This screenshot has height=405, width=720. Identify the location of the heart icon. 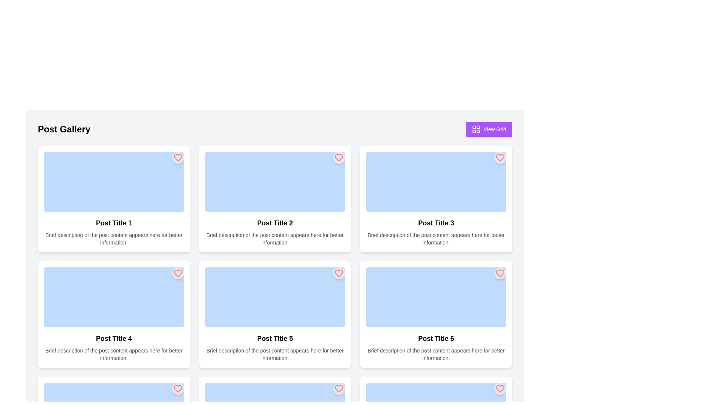
(338, 157).